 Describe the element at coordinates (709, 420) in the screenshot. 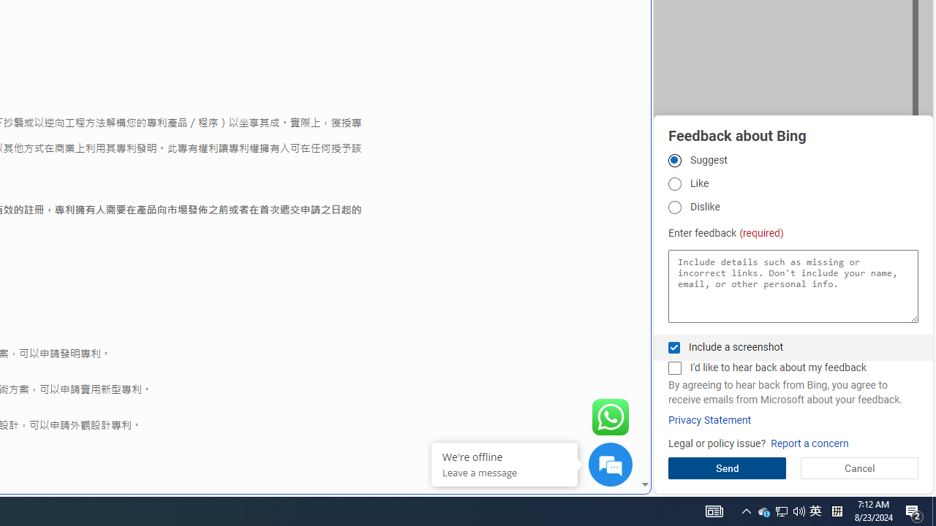

I see `'Privacy Statement'` at that location.